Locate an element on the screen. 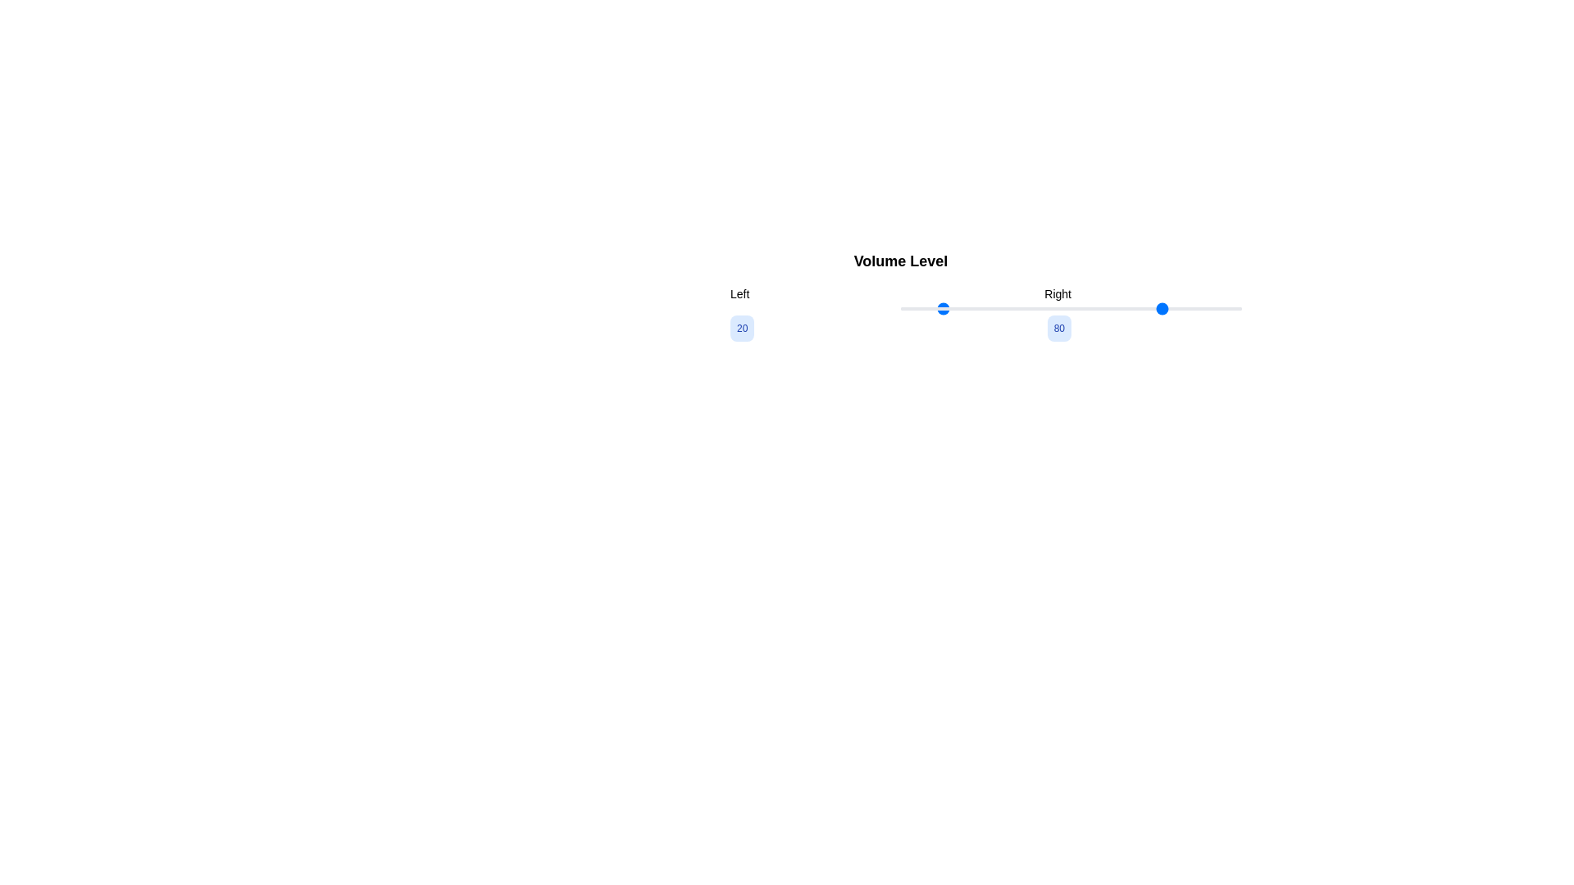 The height and width of the screenshot is (885, 1574). the slider value is located at coordinates (927, 309).